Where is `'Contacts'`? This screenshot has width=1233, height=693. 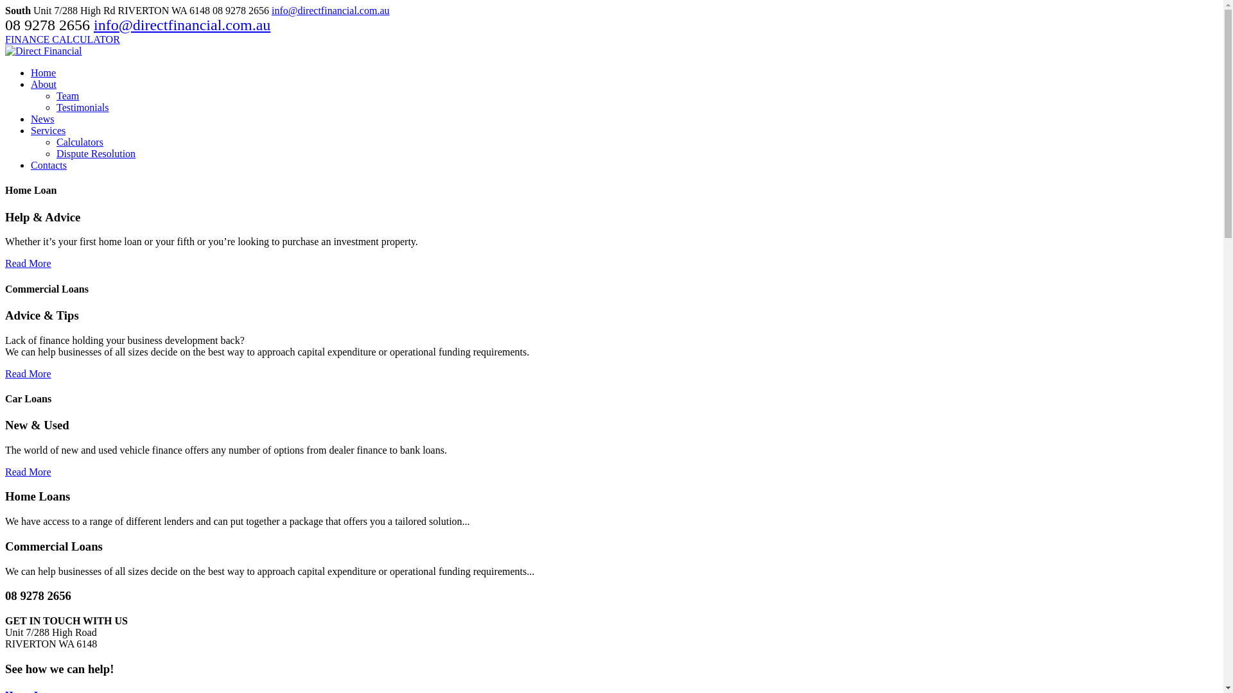
'Contacts' is located at coordinates (31, 164).